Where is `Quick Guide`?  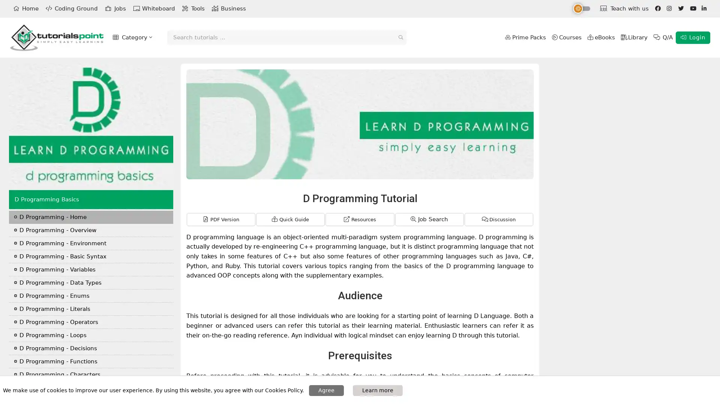 Quick Guide is located at coordinates (290, 211).